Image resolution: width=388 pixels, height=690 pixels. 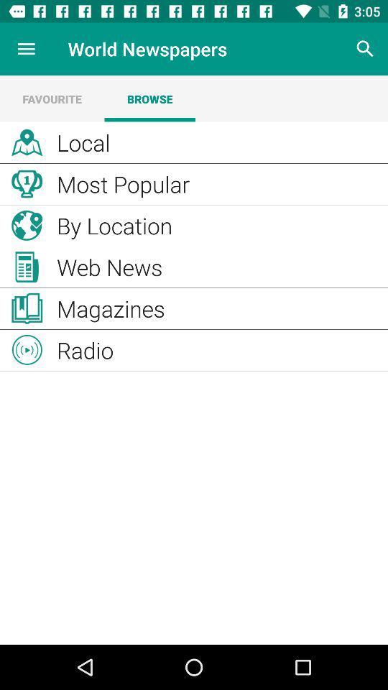 I want to click on item next to the world newspapers icon, so click(x=26, y=49).